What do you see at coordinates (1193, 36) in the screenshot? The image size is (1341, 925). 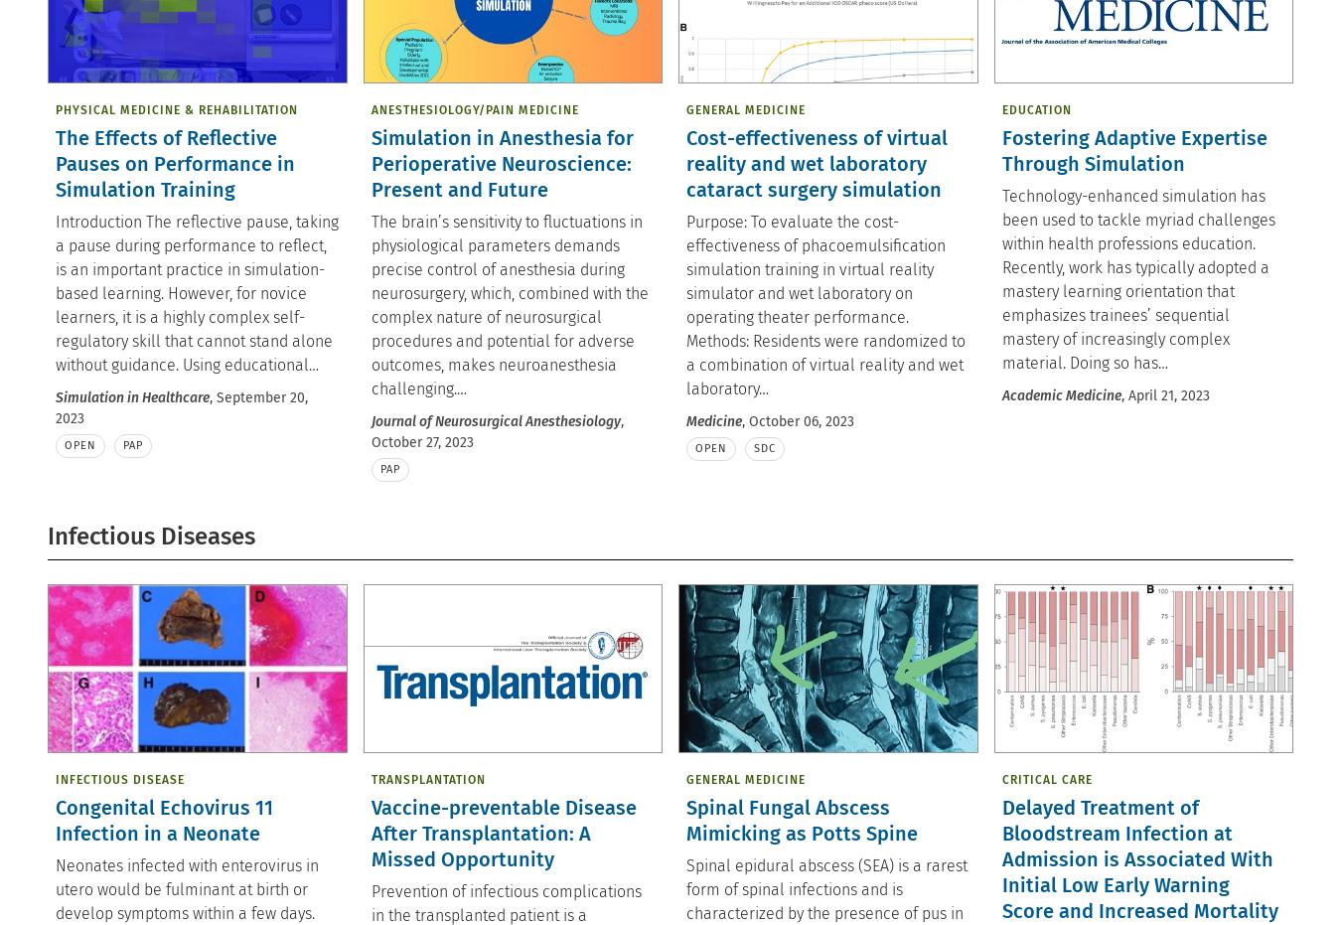 I see `'Submit a Service Request'` at bounding box center [1193, 36].